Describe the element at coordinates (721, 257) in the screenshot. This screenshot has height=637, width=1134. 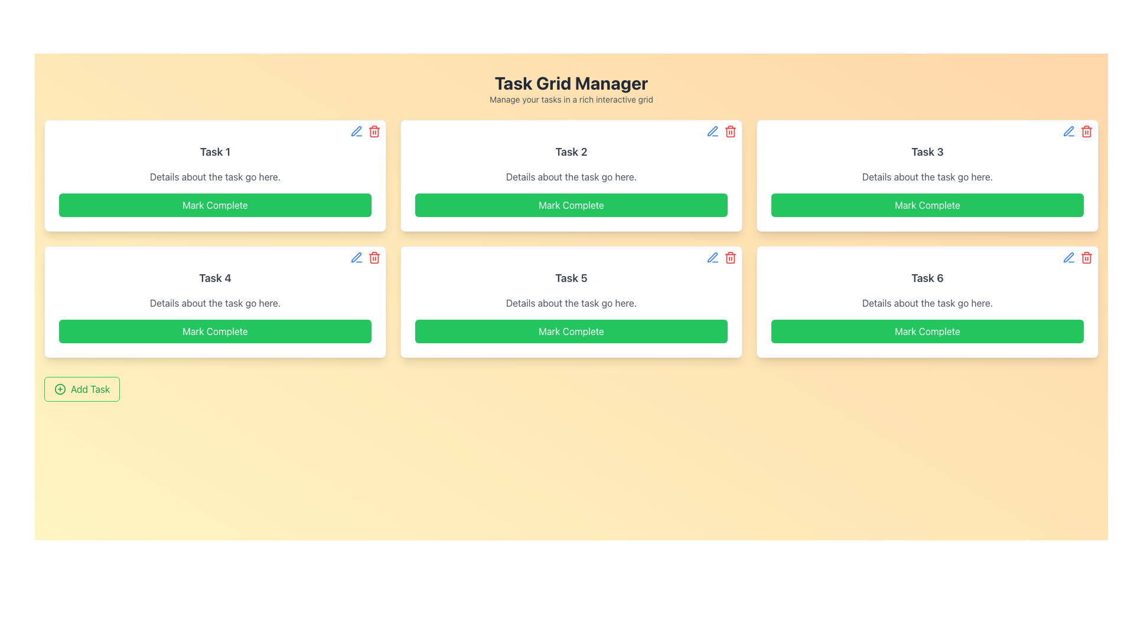
I see `the delete button located at the top-right corner of the 'Task 5' card` at that location.